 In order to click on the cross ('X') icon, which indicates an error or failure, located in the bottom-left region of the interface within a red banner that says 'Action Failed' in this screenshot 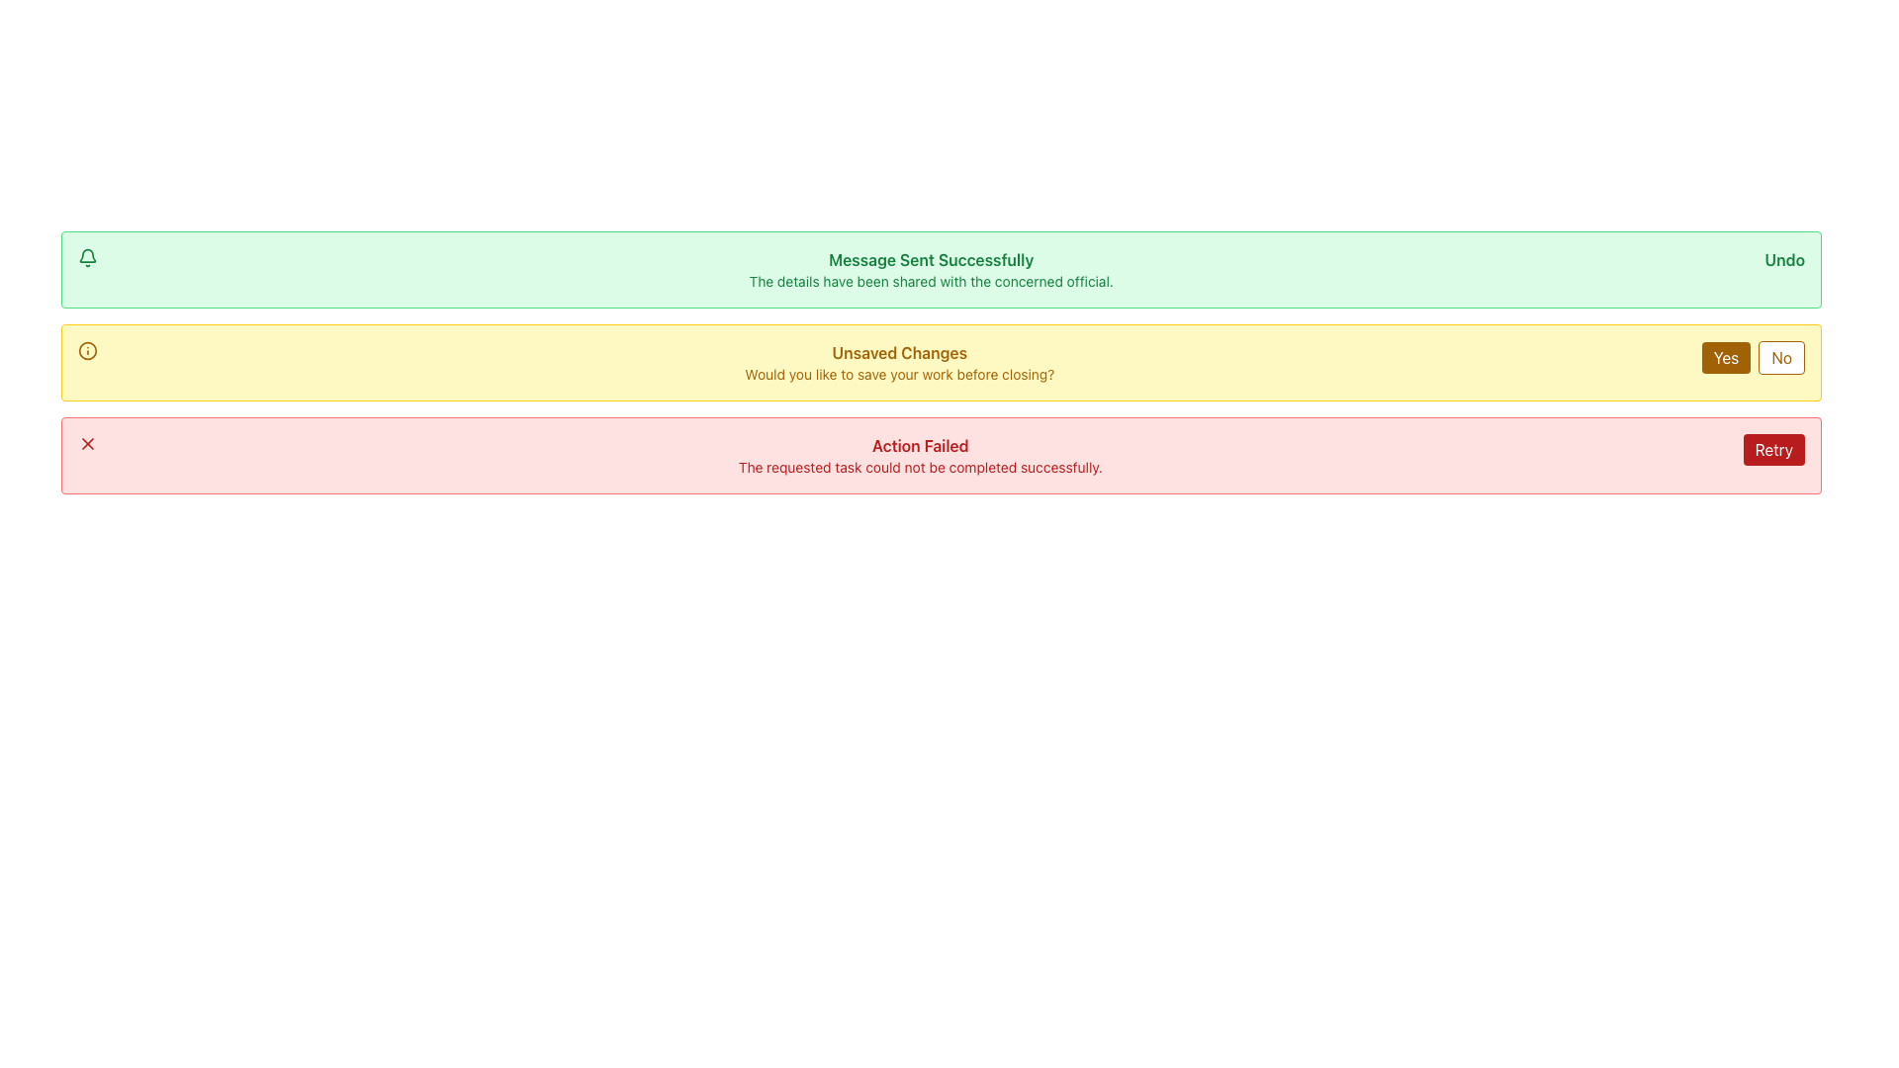, I will do `click(87, 442)`.